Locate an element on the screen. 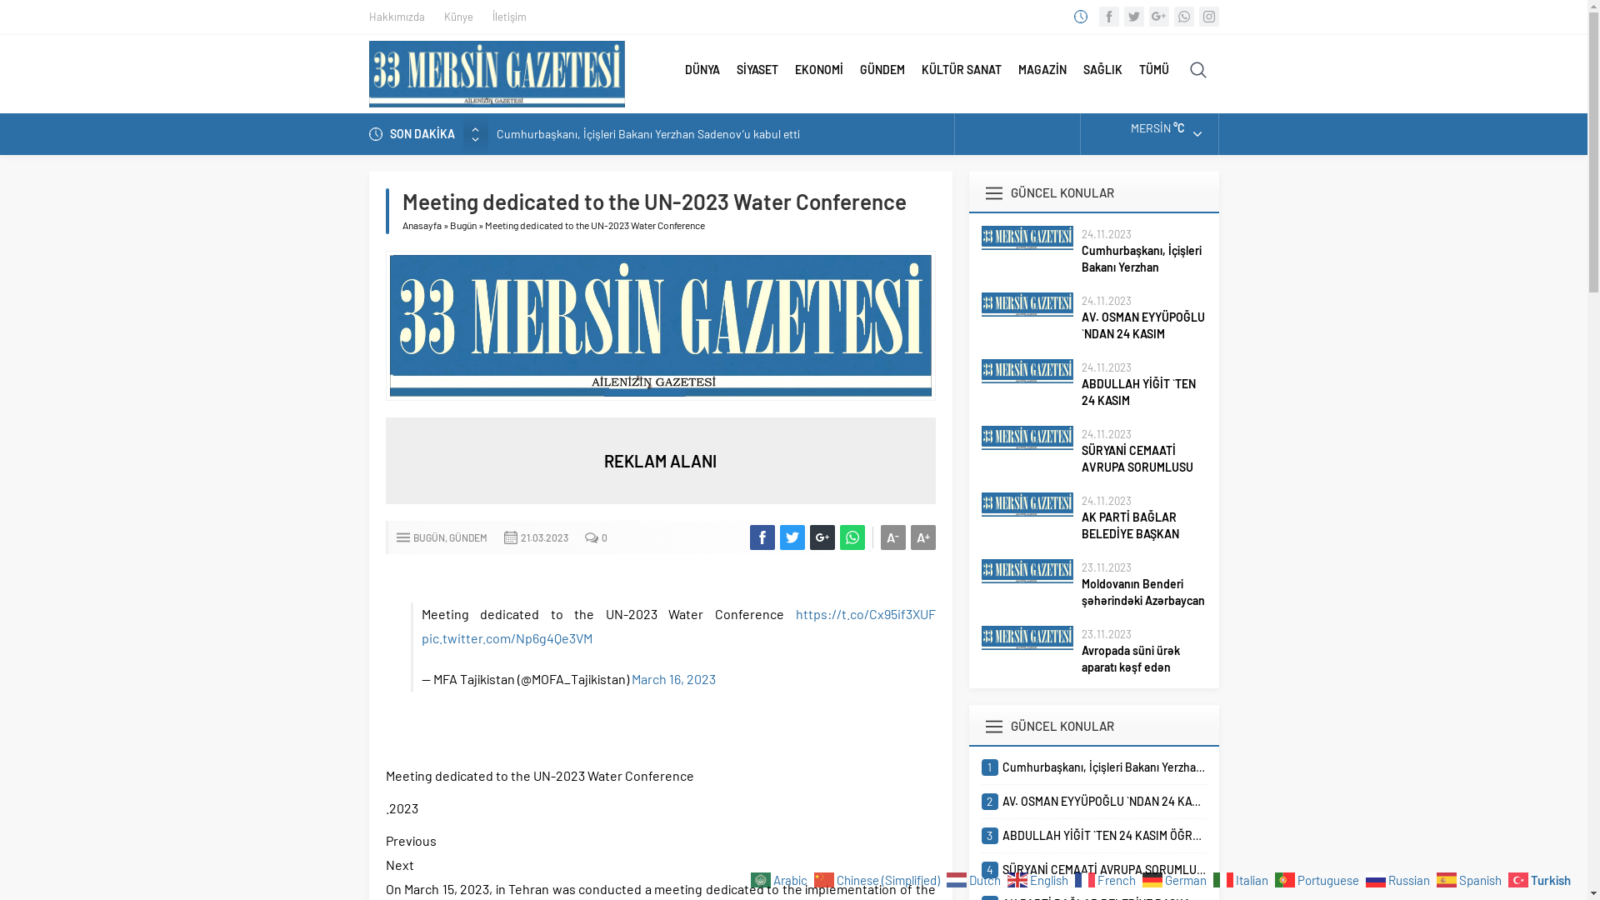 The image size is (1600, 900). 'German' is located at coordinates (1175, 877).